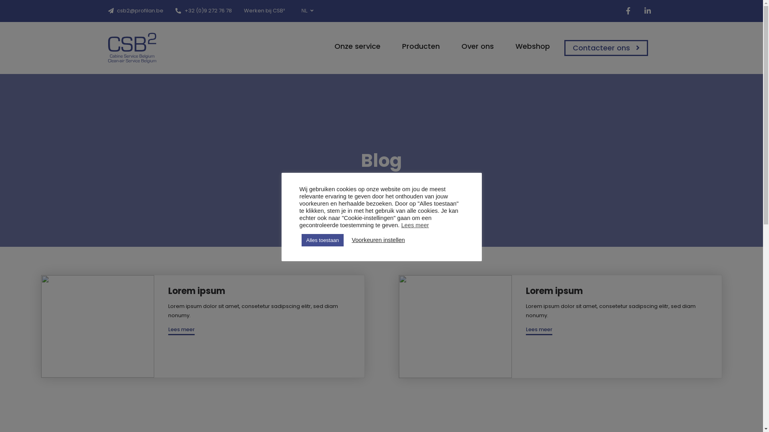  Describe the element at coordinates (539, 330) in the screenshot. I see `'Lees meer'` at that location.